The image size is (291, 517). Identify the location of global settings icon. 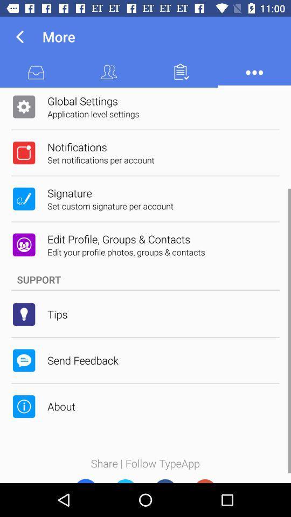
(82, 101).